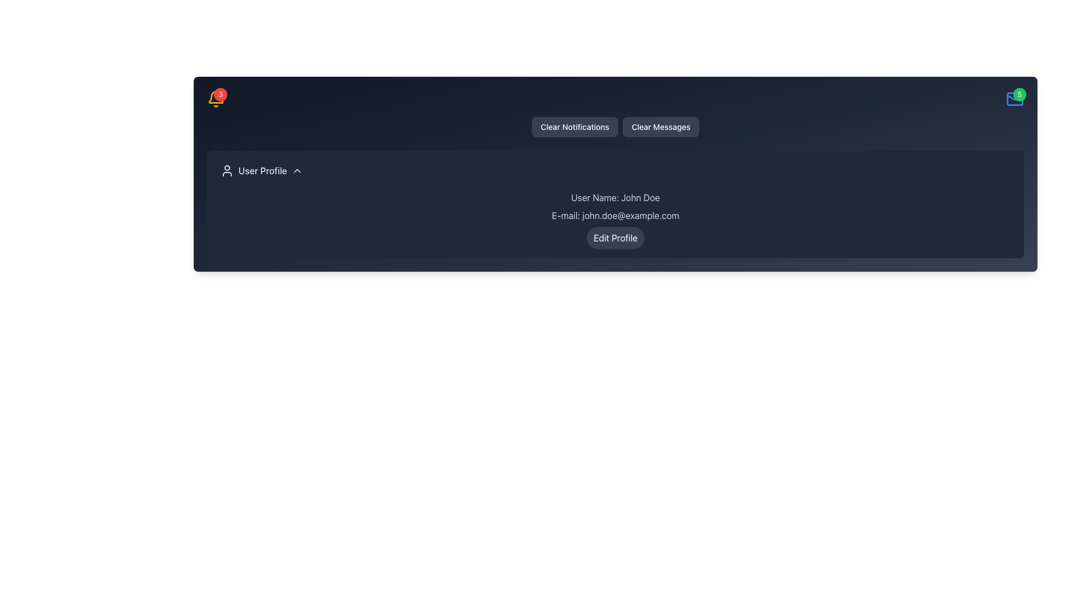 The width and height of the screenshot is (1075, 605). What do you see at coordinates (216, 99) in the screenshot?
I see `number of notifications displayed on the red rounded notification badge showing '3', located at the top-right corner of the yellow bell icon` at bounding box center [216, 99].